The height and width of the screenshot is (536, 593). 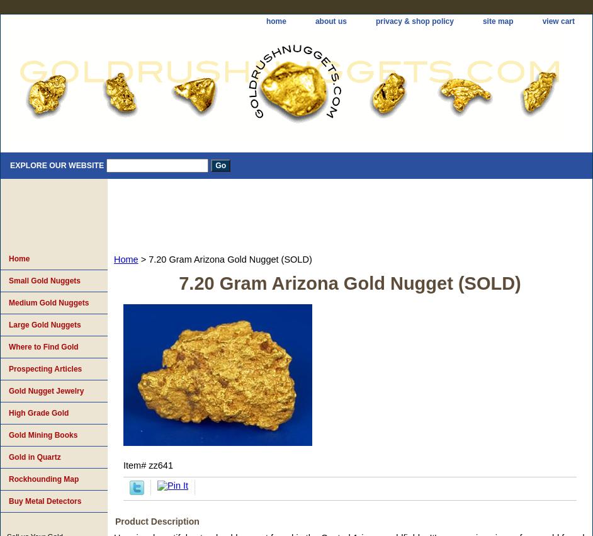 What do you see at coordinates (413, 21) in the screenshot?
I see `'privacy & shop policy'` at bounding box center [413, 21].